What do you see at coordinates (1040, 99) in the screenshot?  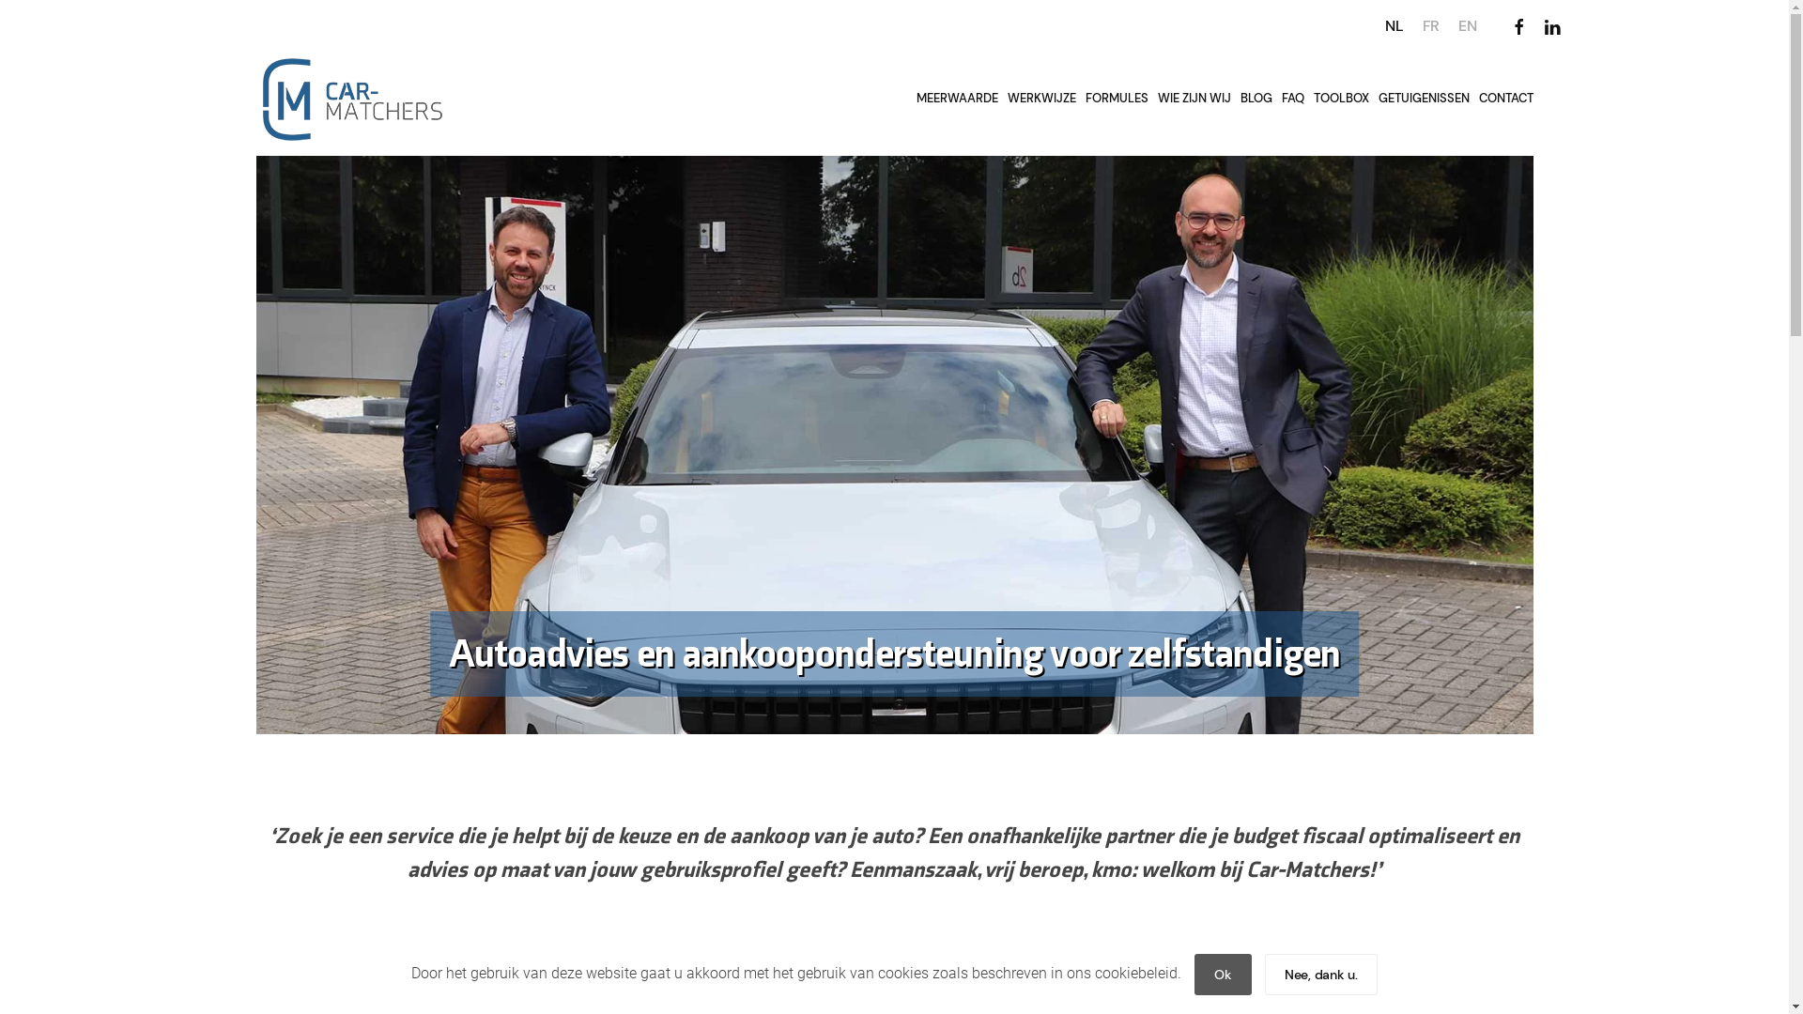 I see `'WERKWIJZE'` at bounding box center [1040, 99].